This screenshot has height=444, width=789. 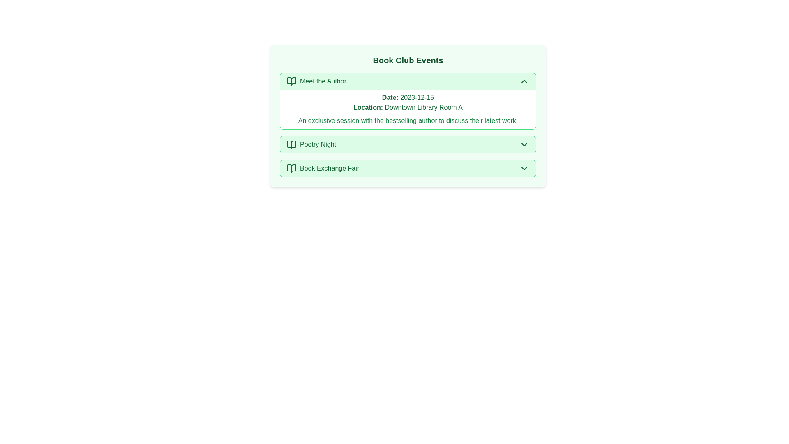 What do you see at coordinates (408, 144) in the screenshot?
I see `the interactive button for the 'Poetry Night' event` at bounding box center [408, 144].